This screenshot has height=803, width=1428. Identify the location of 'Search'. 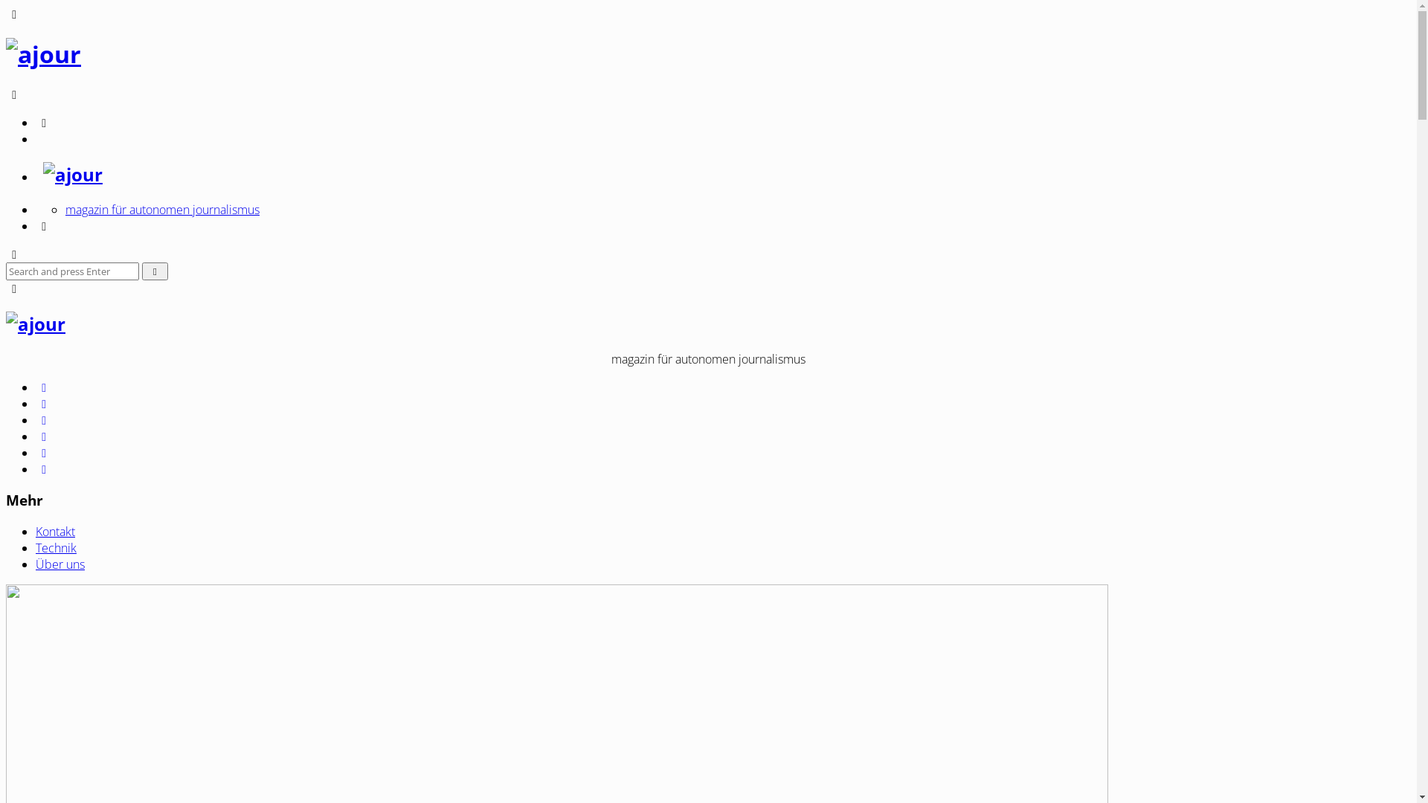
(155, 271).